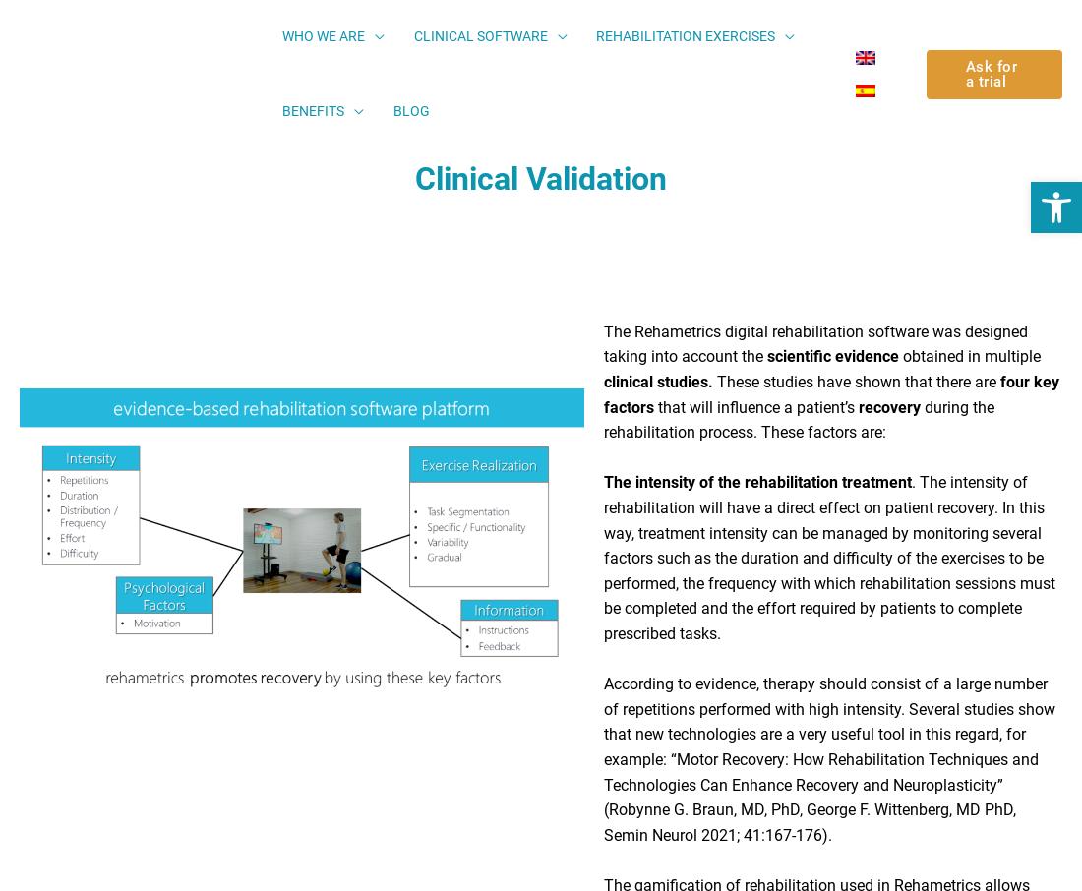 The height and width of the screenshot is (891, 1082). I want to click on 'recovery', so click(856, 414).